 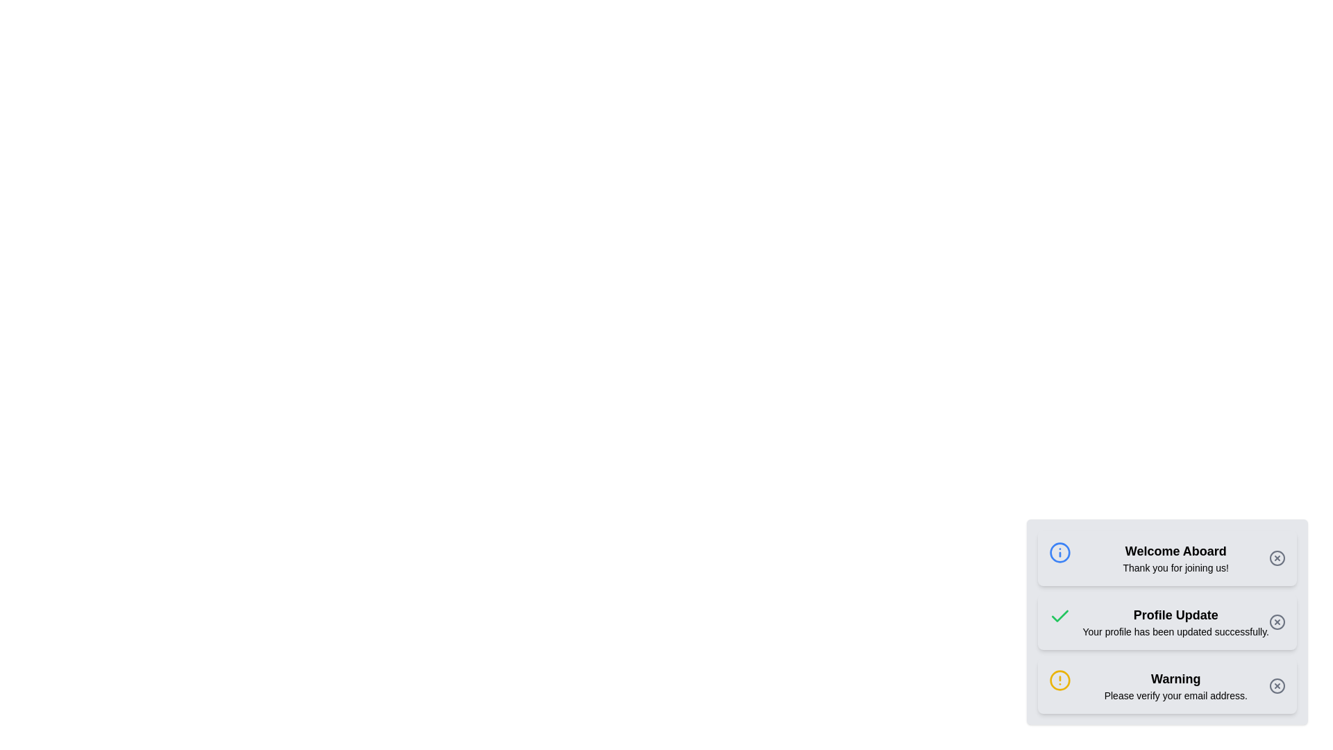 I want to click on the check mark icon indicating a successful 'Profile Update' notification, the second icon, so click(x=1059, y=615).